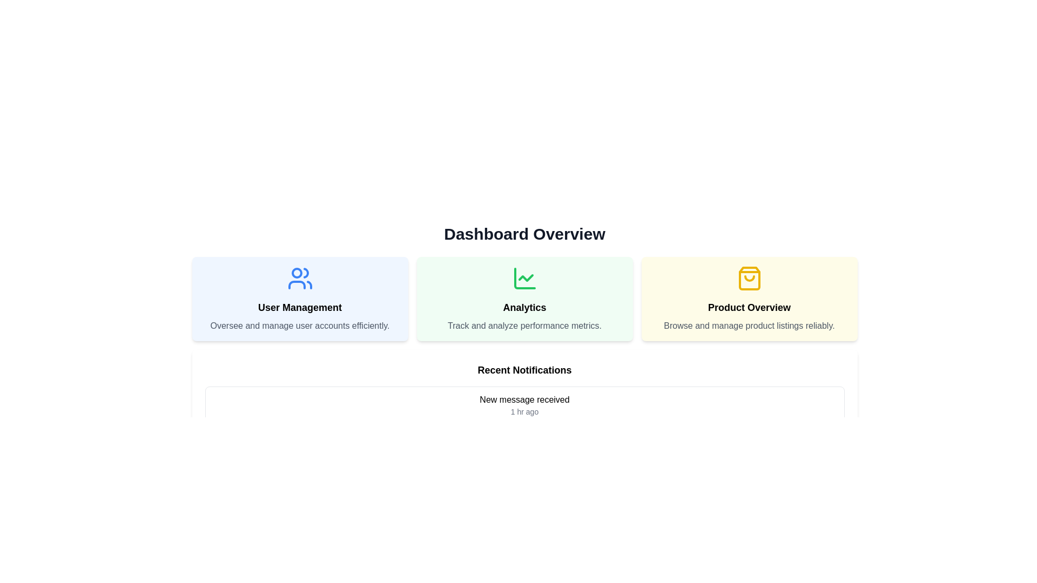 The height and width of the screenshot is (583, 1037). I want to click on the user management icon located at the top-center of the 'User Management' card on the leftmost side of the three-card section under 'Dashboard Overview', so click(300, 278).